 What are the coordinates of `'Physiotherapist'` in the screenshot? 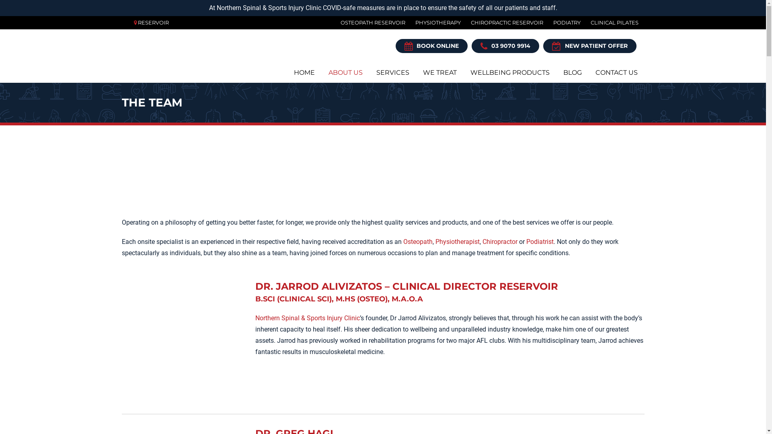 It's located at (457, 241).